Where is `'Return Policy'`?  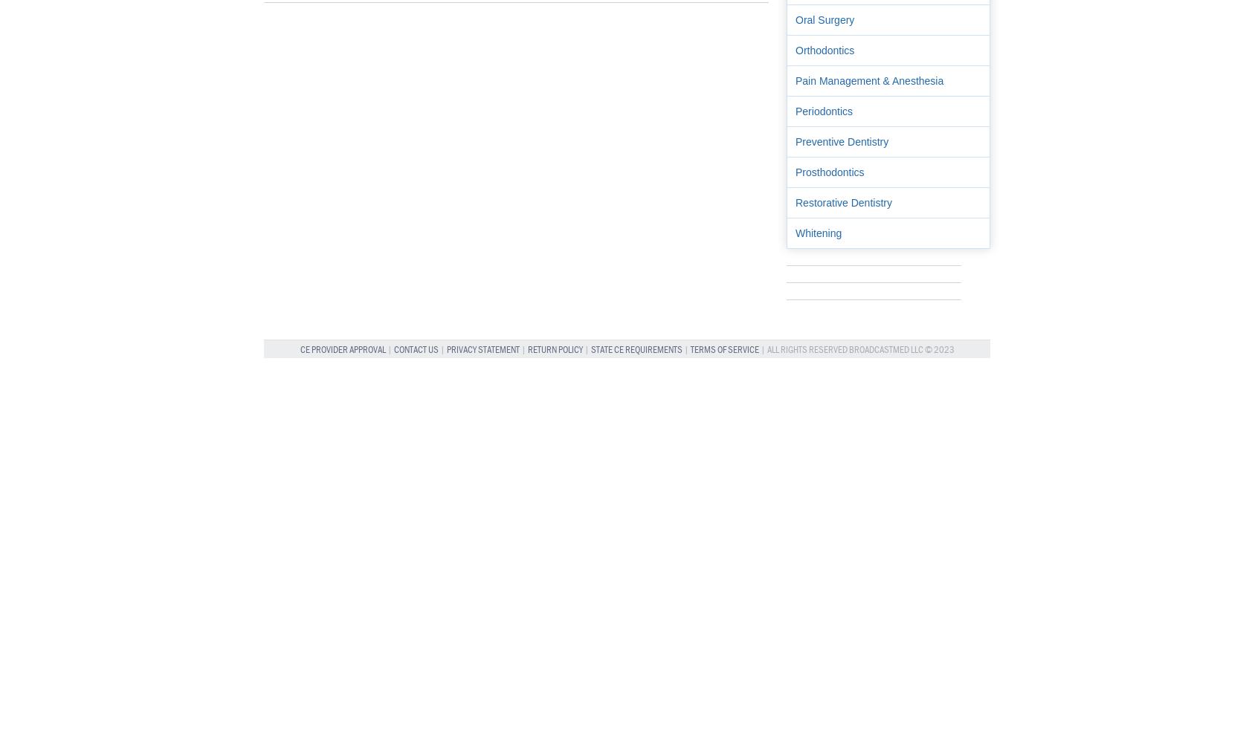
'Return Policy' is located at coordinates (554, 348).